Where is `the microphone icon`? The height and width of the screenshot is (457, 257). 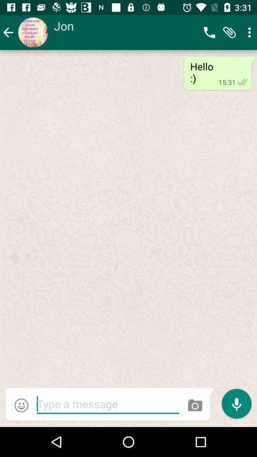
the microphone icon is located at coordinates (236, 404).